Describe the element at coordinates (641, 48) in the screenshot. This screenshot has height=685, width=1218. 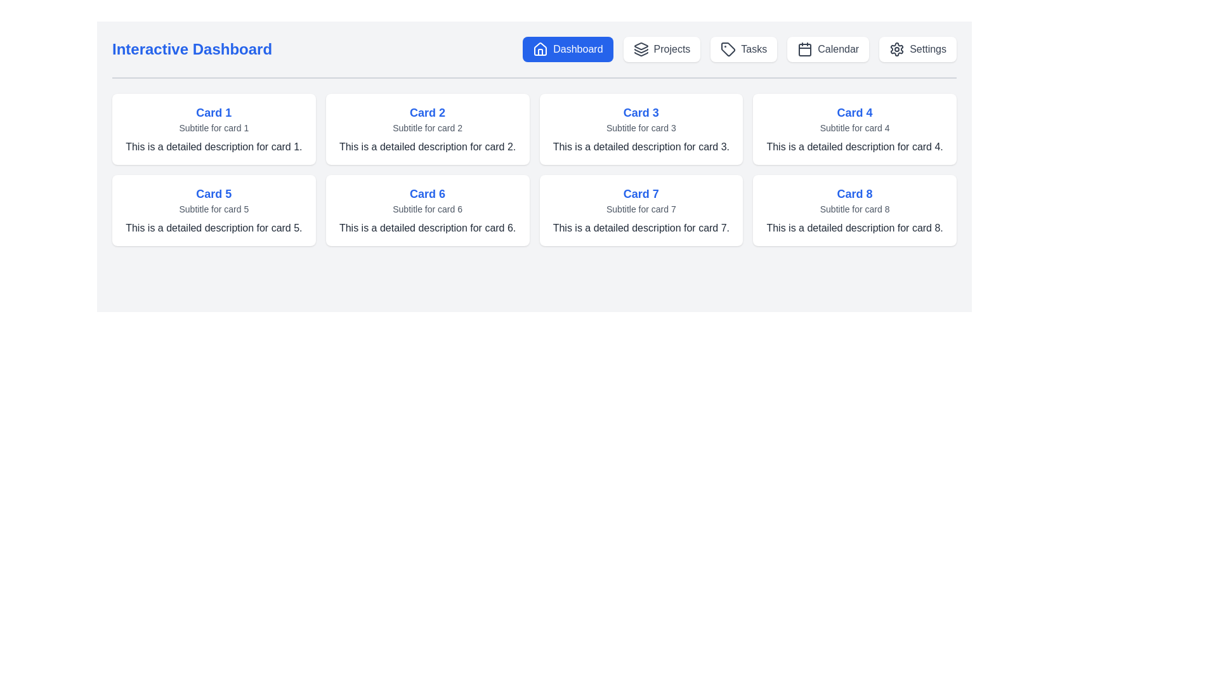
I see `the 'Projects' icon located in the navigation bar` at that location.